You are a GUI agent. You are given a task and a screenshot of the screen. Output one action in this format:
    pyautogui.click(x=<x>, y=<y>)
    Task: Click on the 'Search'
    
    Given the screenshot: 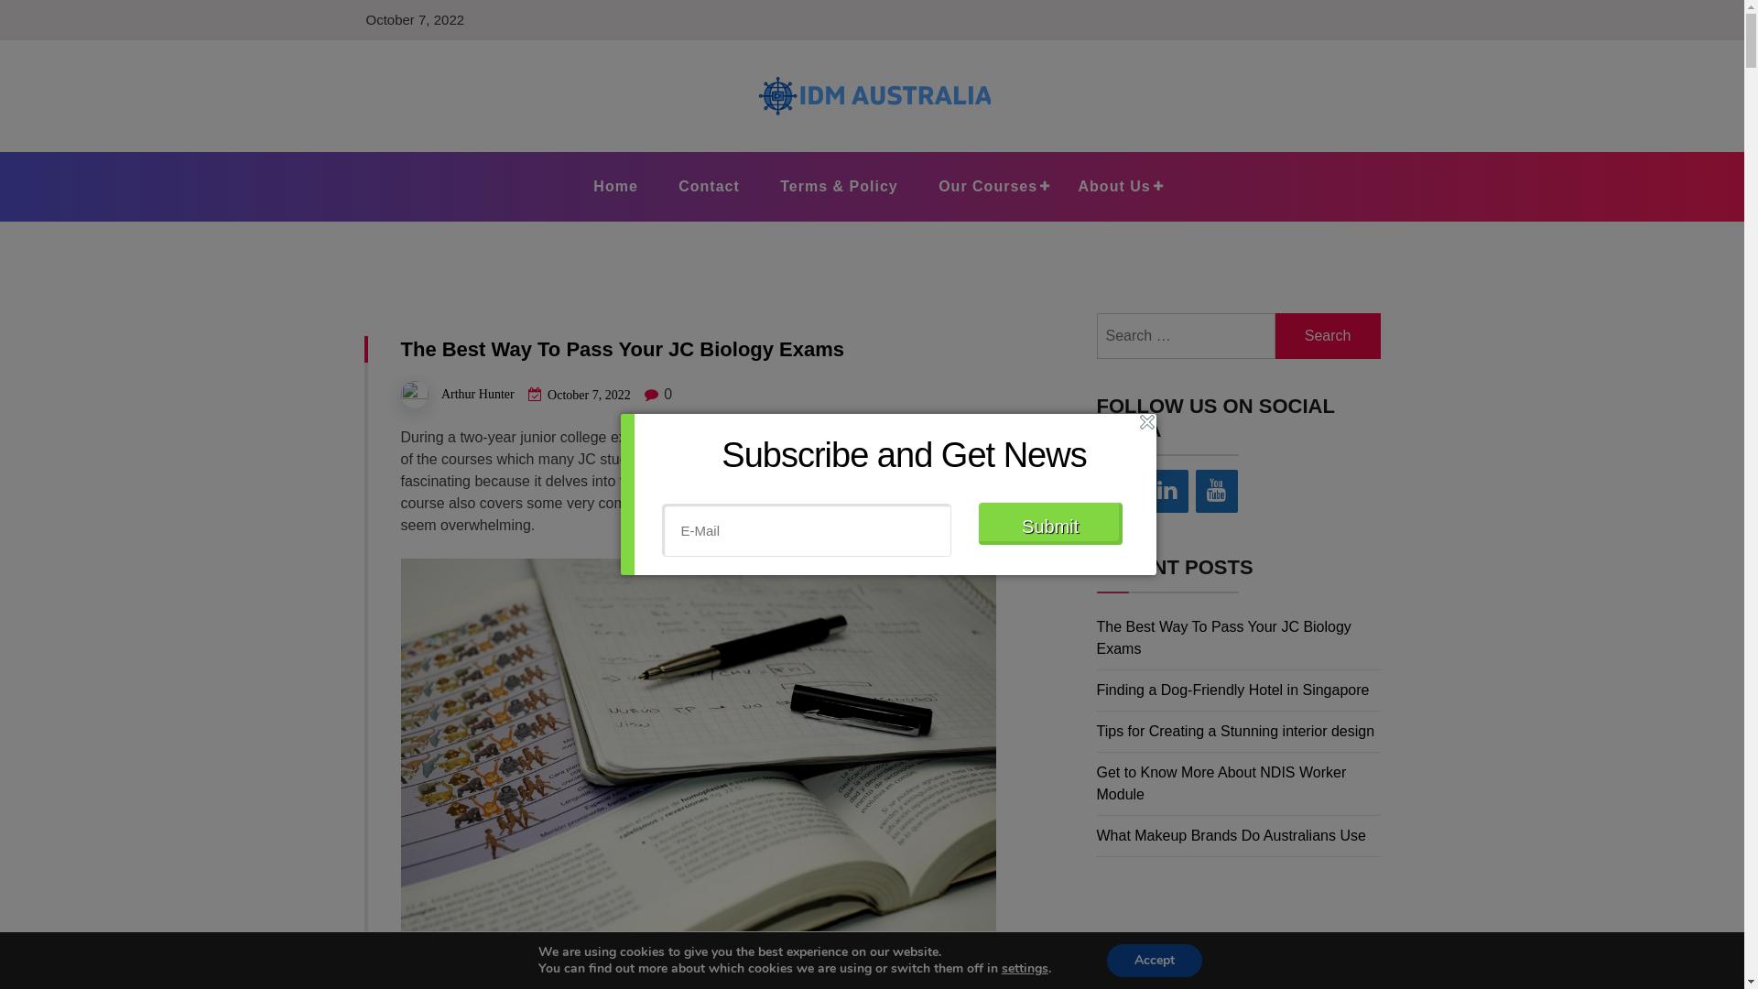 What is the action you would take?
    pyautogui.click(x=1328, y=335)
    